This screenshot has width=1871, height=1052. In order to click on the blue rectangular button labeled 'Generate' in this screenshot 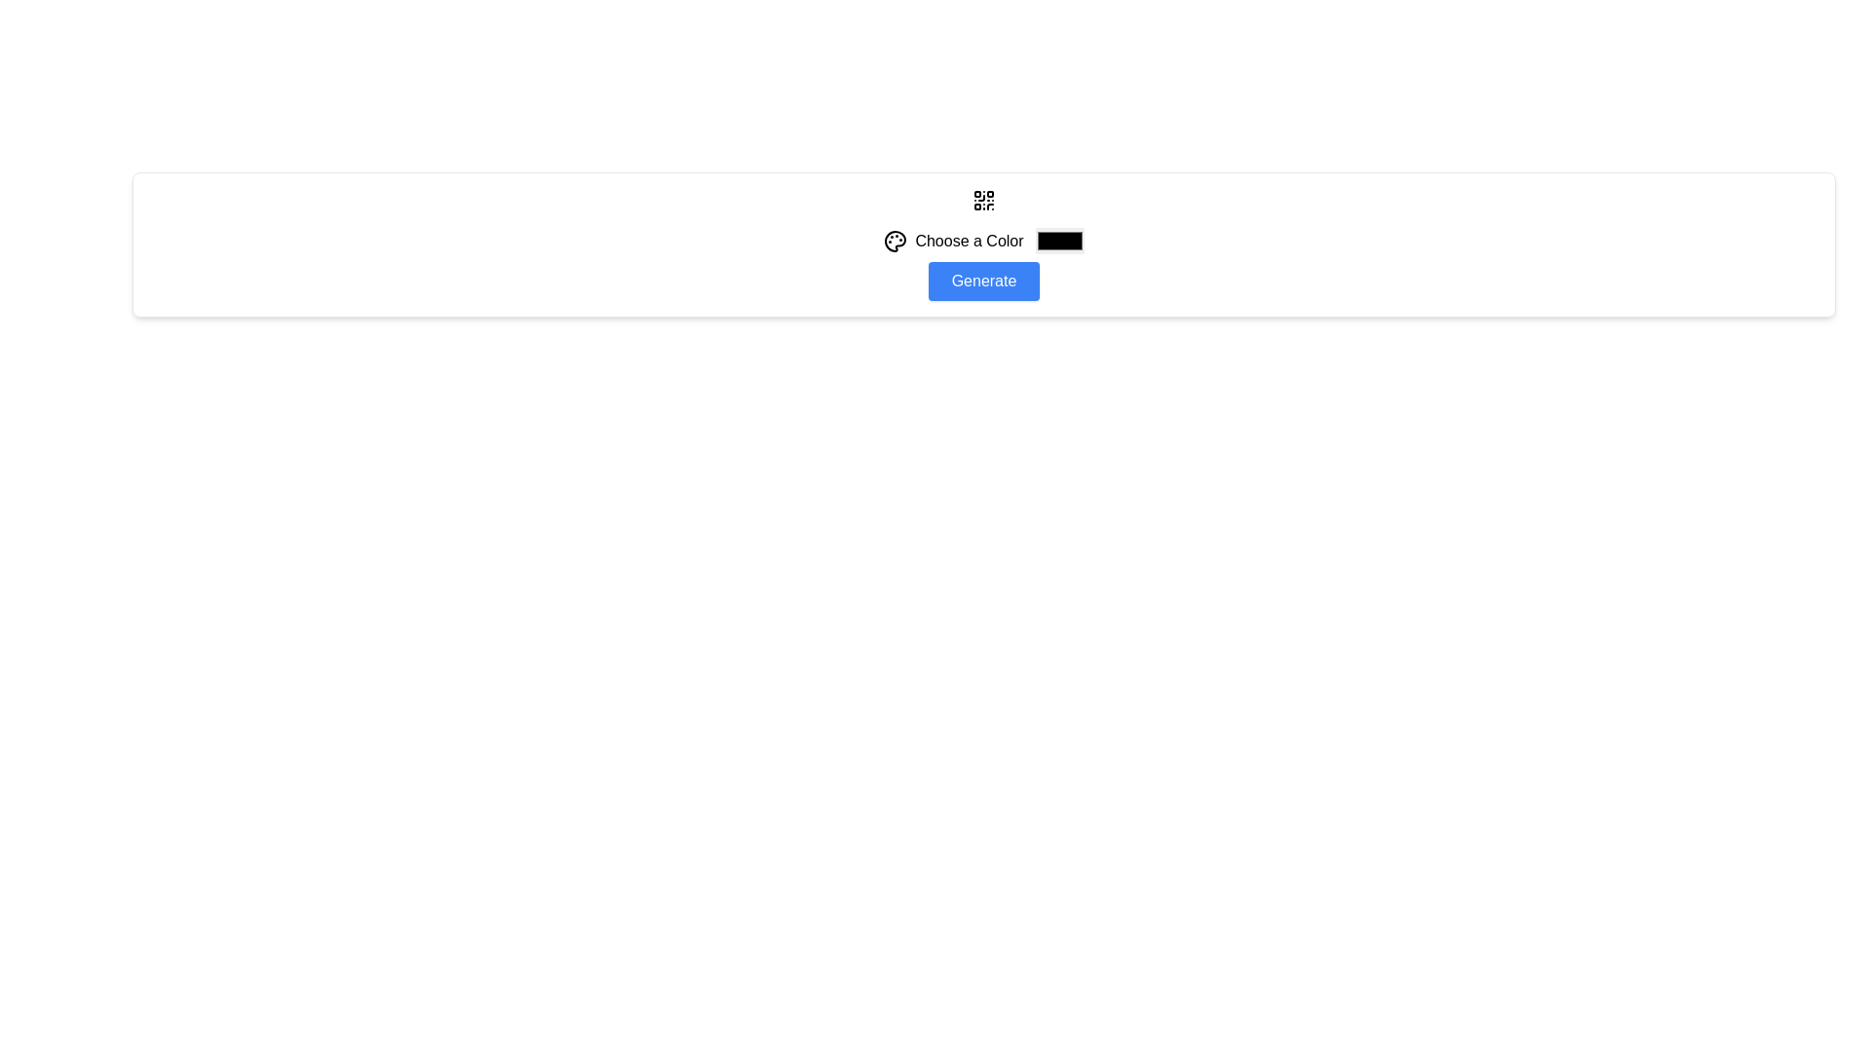, I will do `click(983, 282)`.